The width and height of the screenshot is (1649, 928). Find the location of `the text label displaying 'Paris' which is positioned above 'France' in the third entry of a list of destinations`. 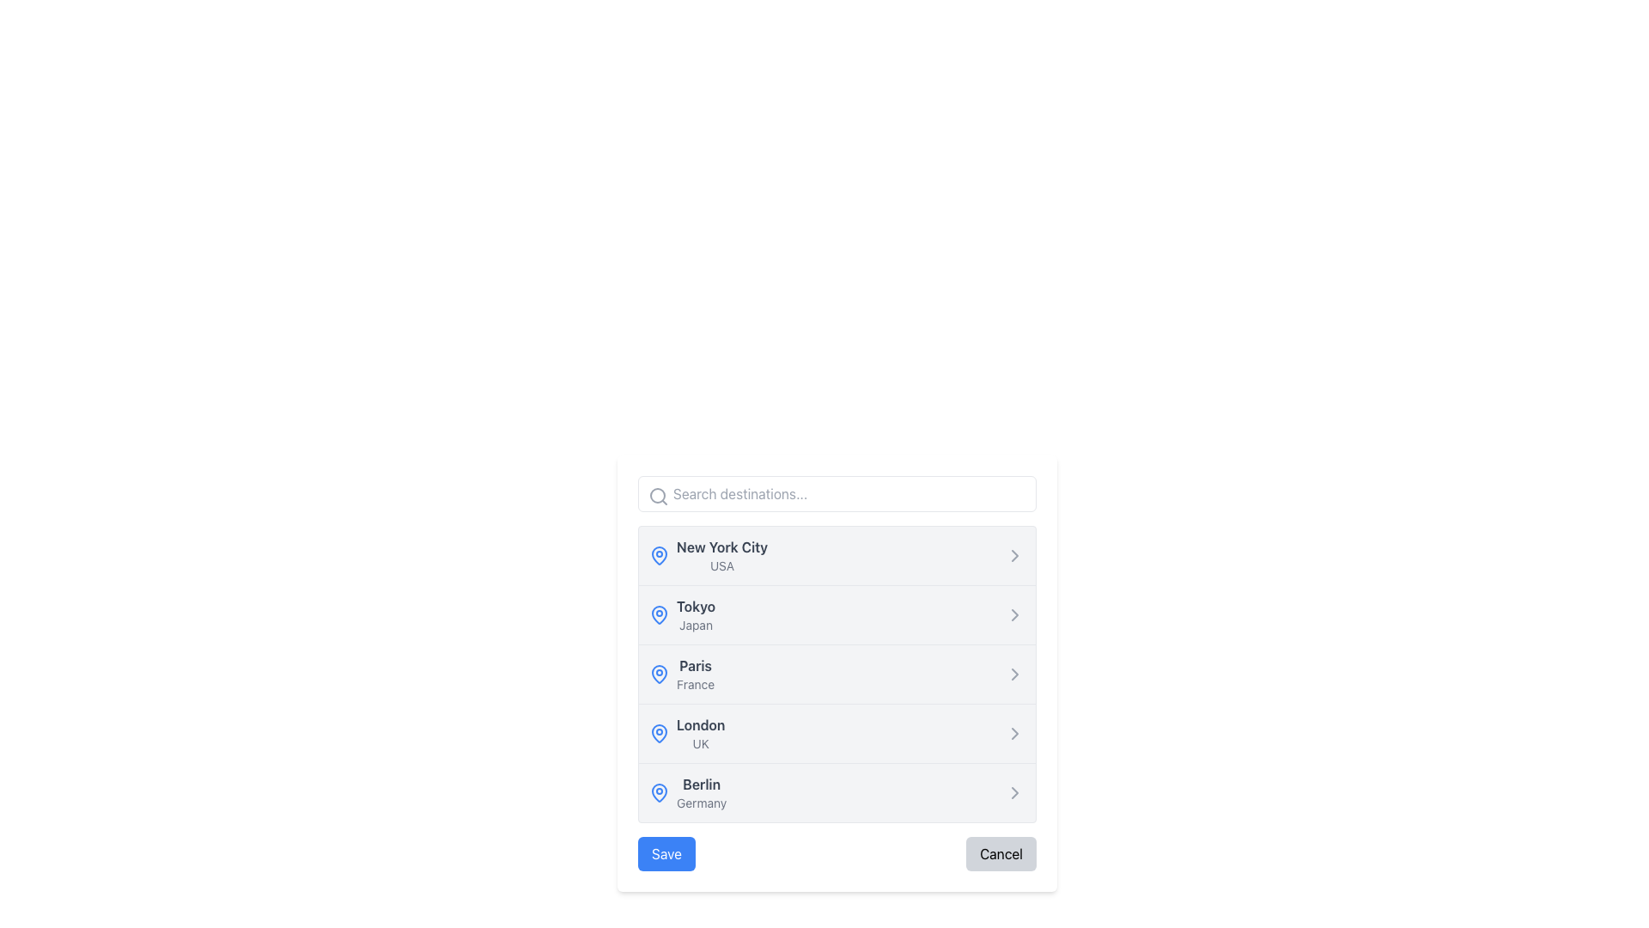

the text label displaying 'Paris' which is positioned above 'France' in the third entry of a list of destinations is located at coordinates (696, 665).